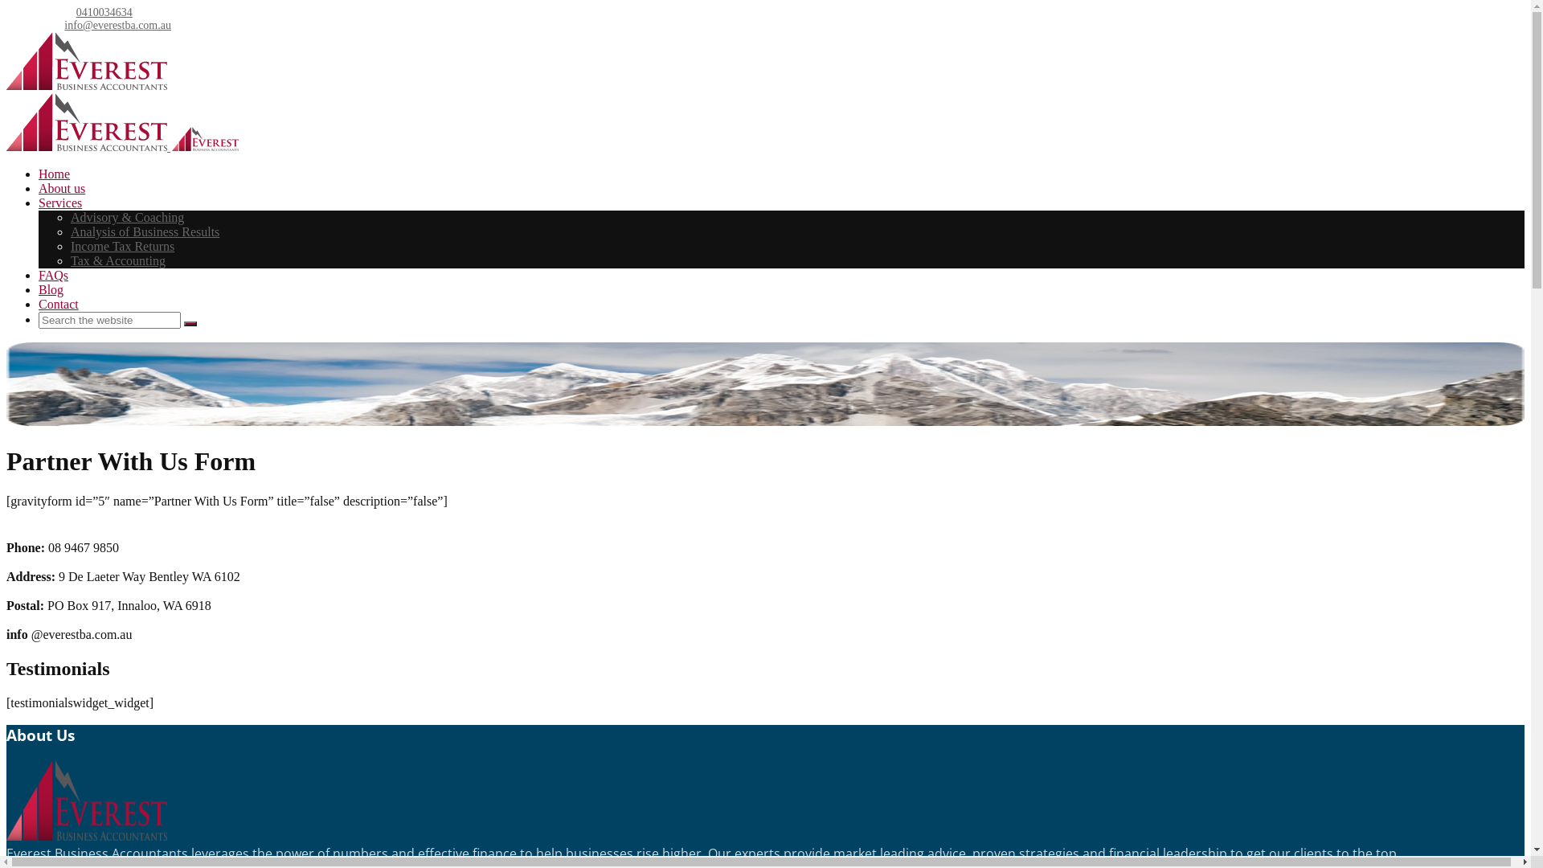 Image resolution: width=1543 pixels, height=868 pixels. What do you see at coordinates (39, 174) in the screenshot?
I see `'Home'` at bounding box center [39, 174].